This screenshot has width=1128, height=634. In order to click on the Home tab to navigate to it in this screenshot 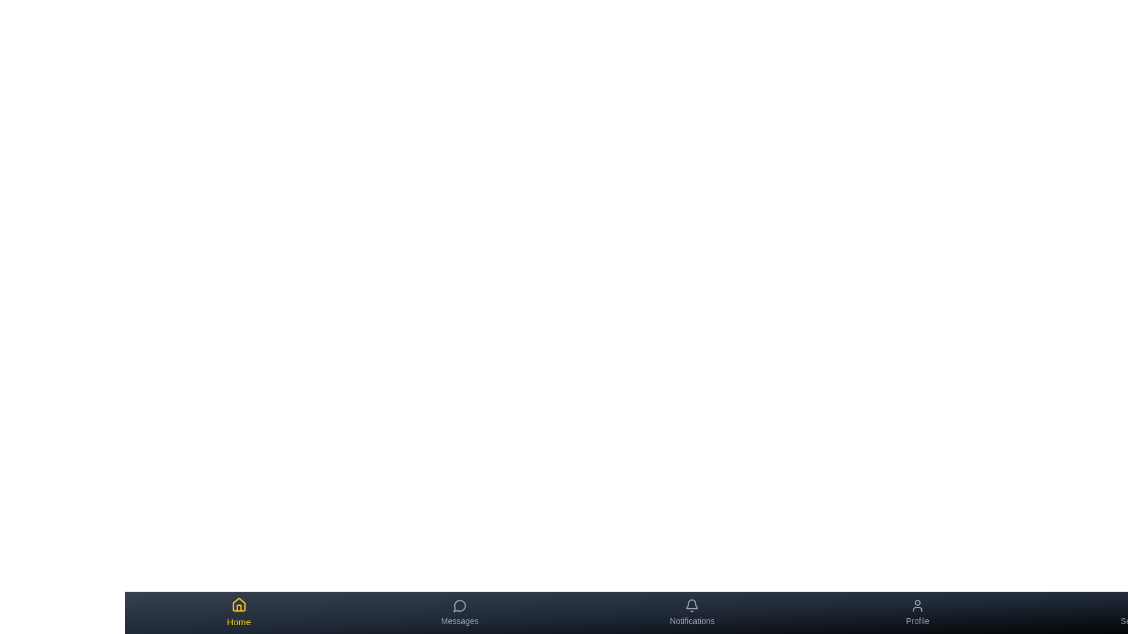, I will do `click(238, 612)`.